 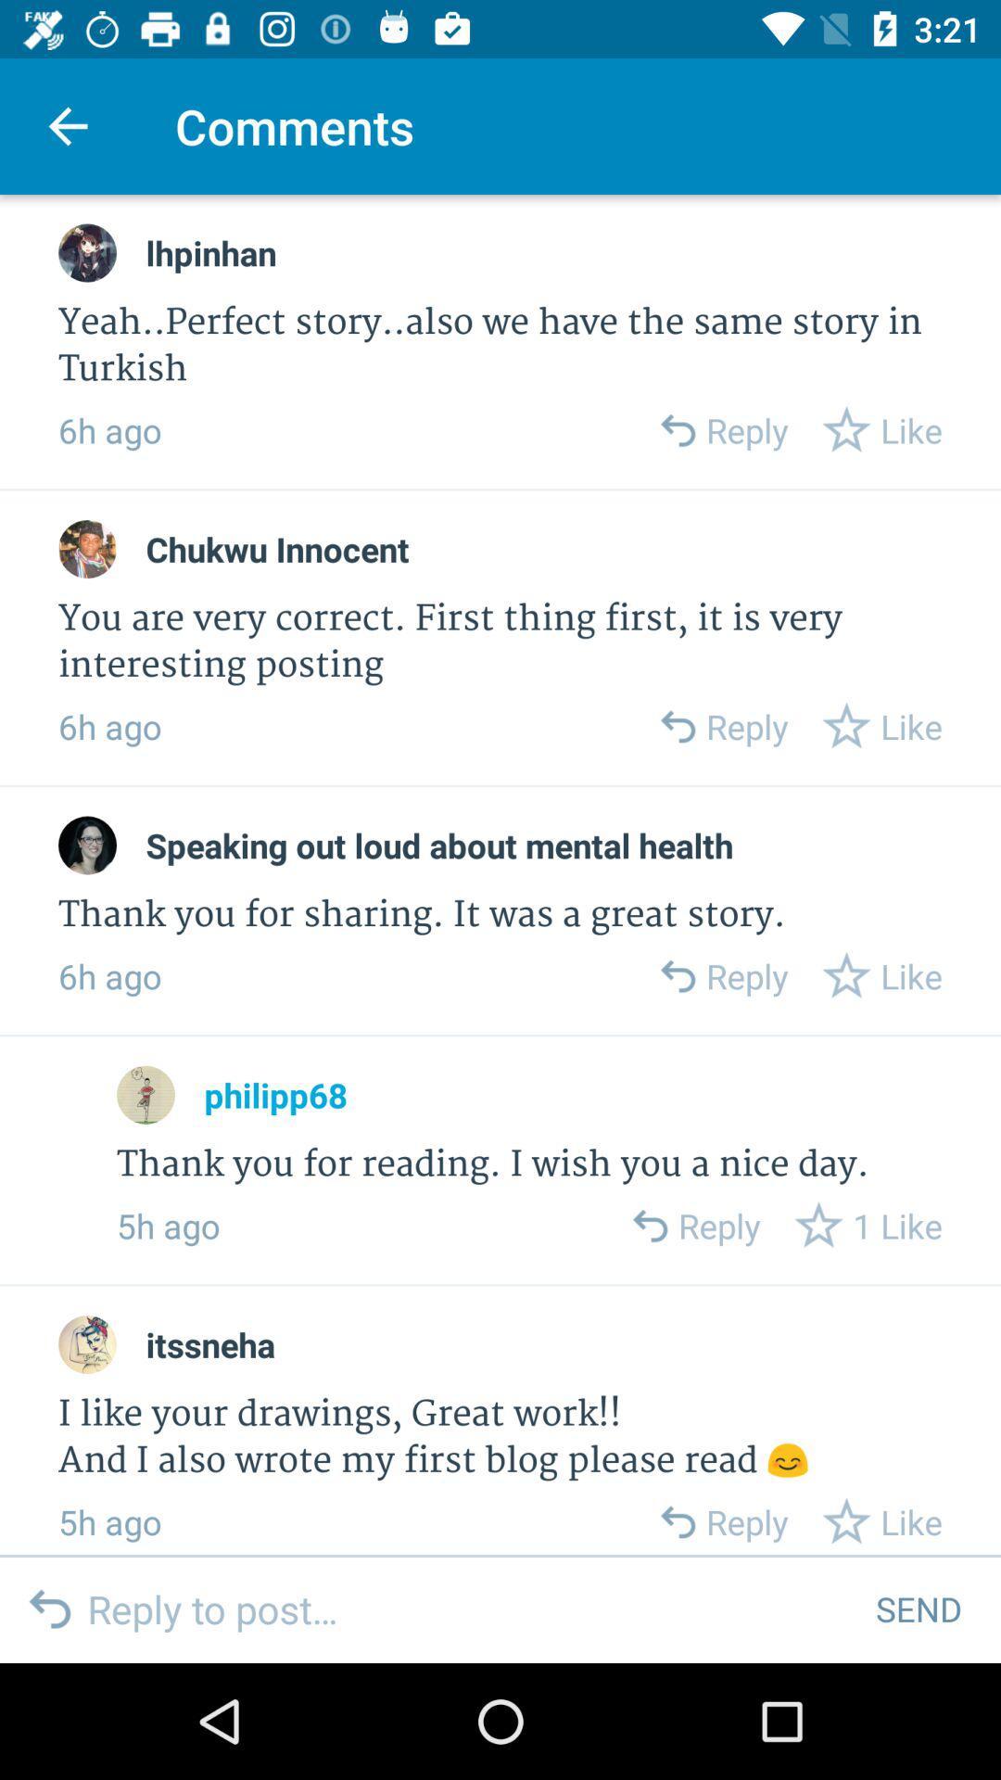 I want to click on reply to this comment, so click(x=648, y=1226).